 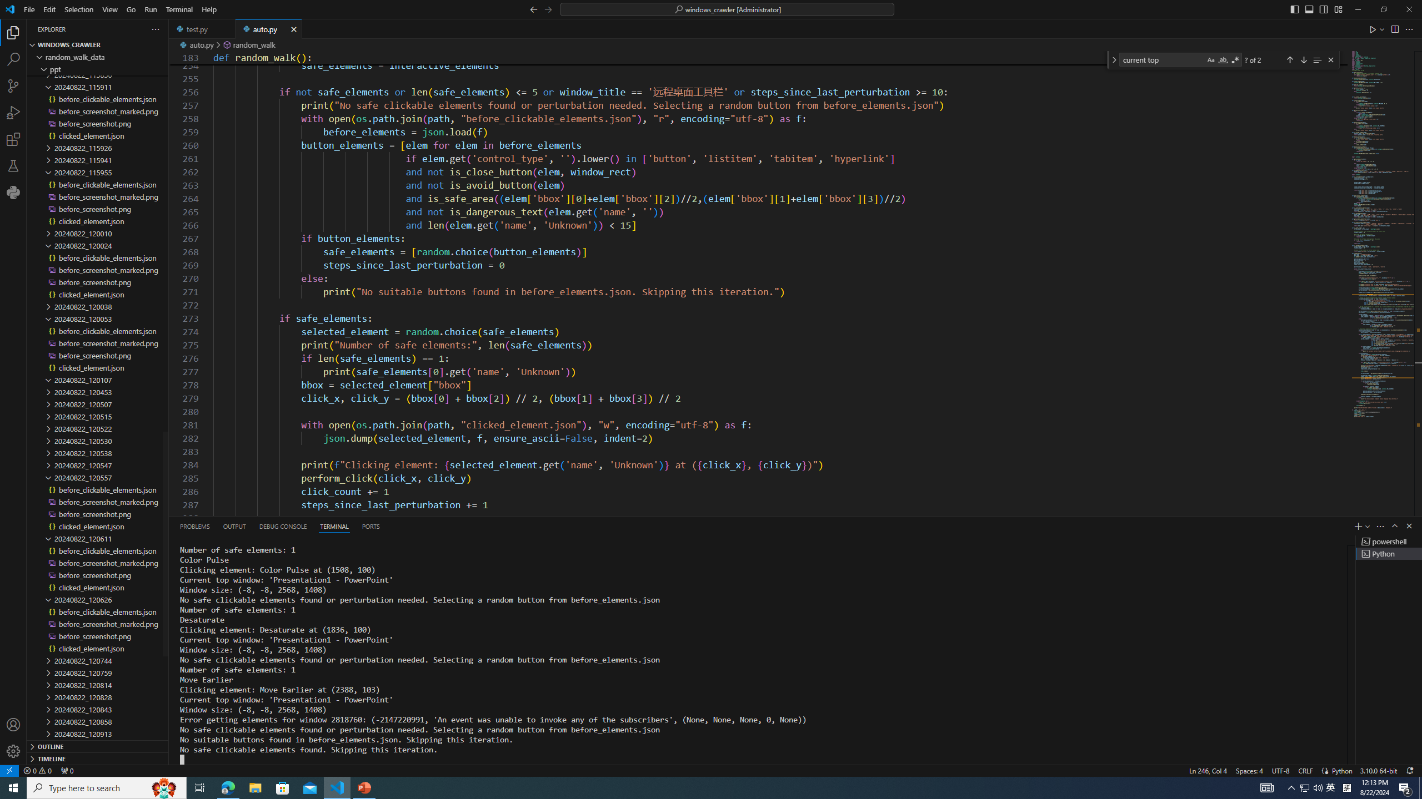 I want to click on 'Hide Panel', so click(x=1408, y=525).